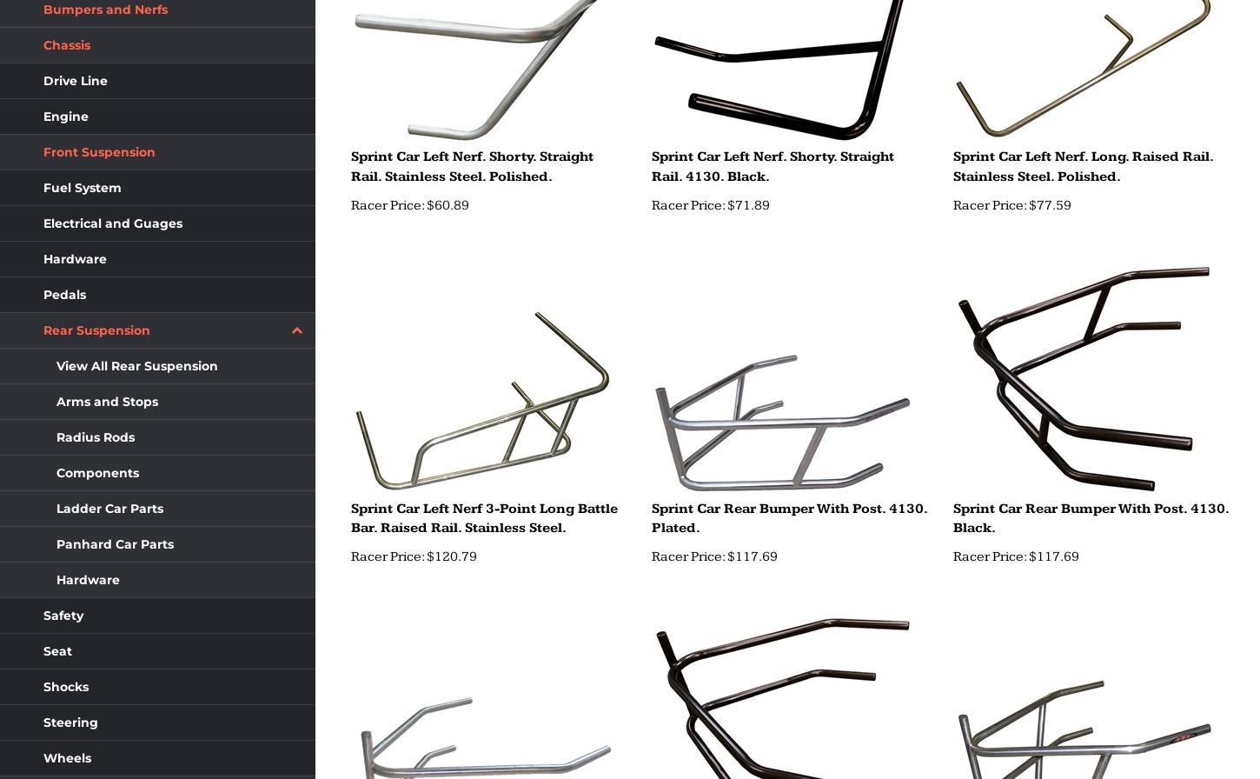  Describe the element at coordinates (66, 44) in the screenshot. I see `'Chassis'` at that location.